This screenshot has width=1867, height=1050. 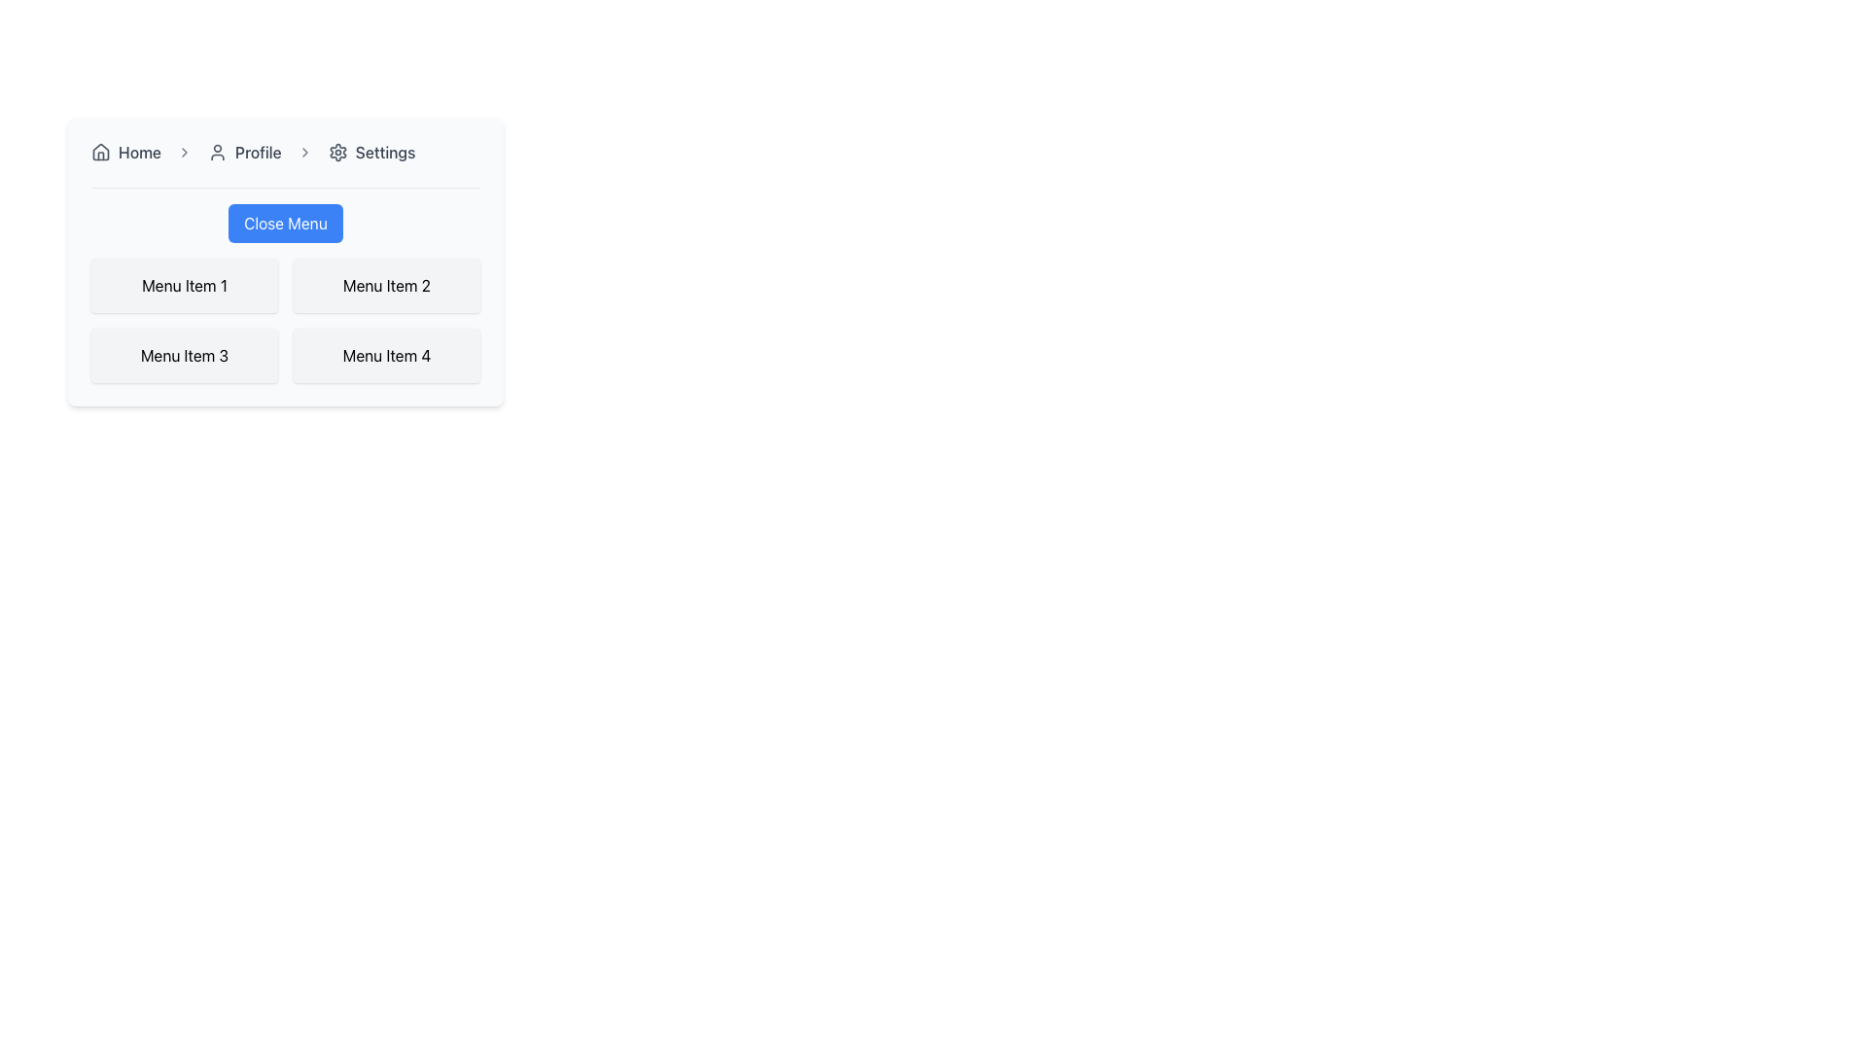 I want to click on the 'Settings' text label in the breadcrumb navigation area, which is styled in a medium-weight font and gray color, located next to a gear icon, so click(x=385, y=152).